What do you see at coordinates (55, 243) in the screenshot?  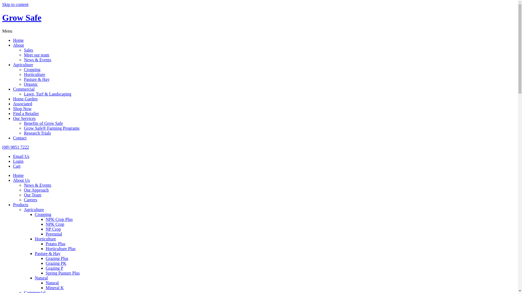 I see `'Potato Plus'` at bounding box center [55, 243].